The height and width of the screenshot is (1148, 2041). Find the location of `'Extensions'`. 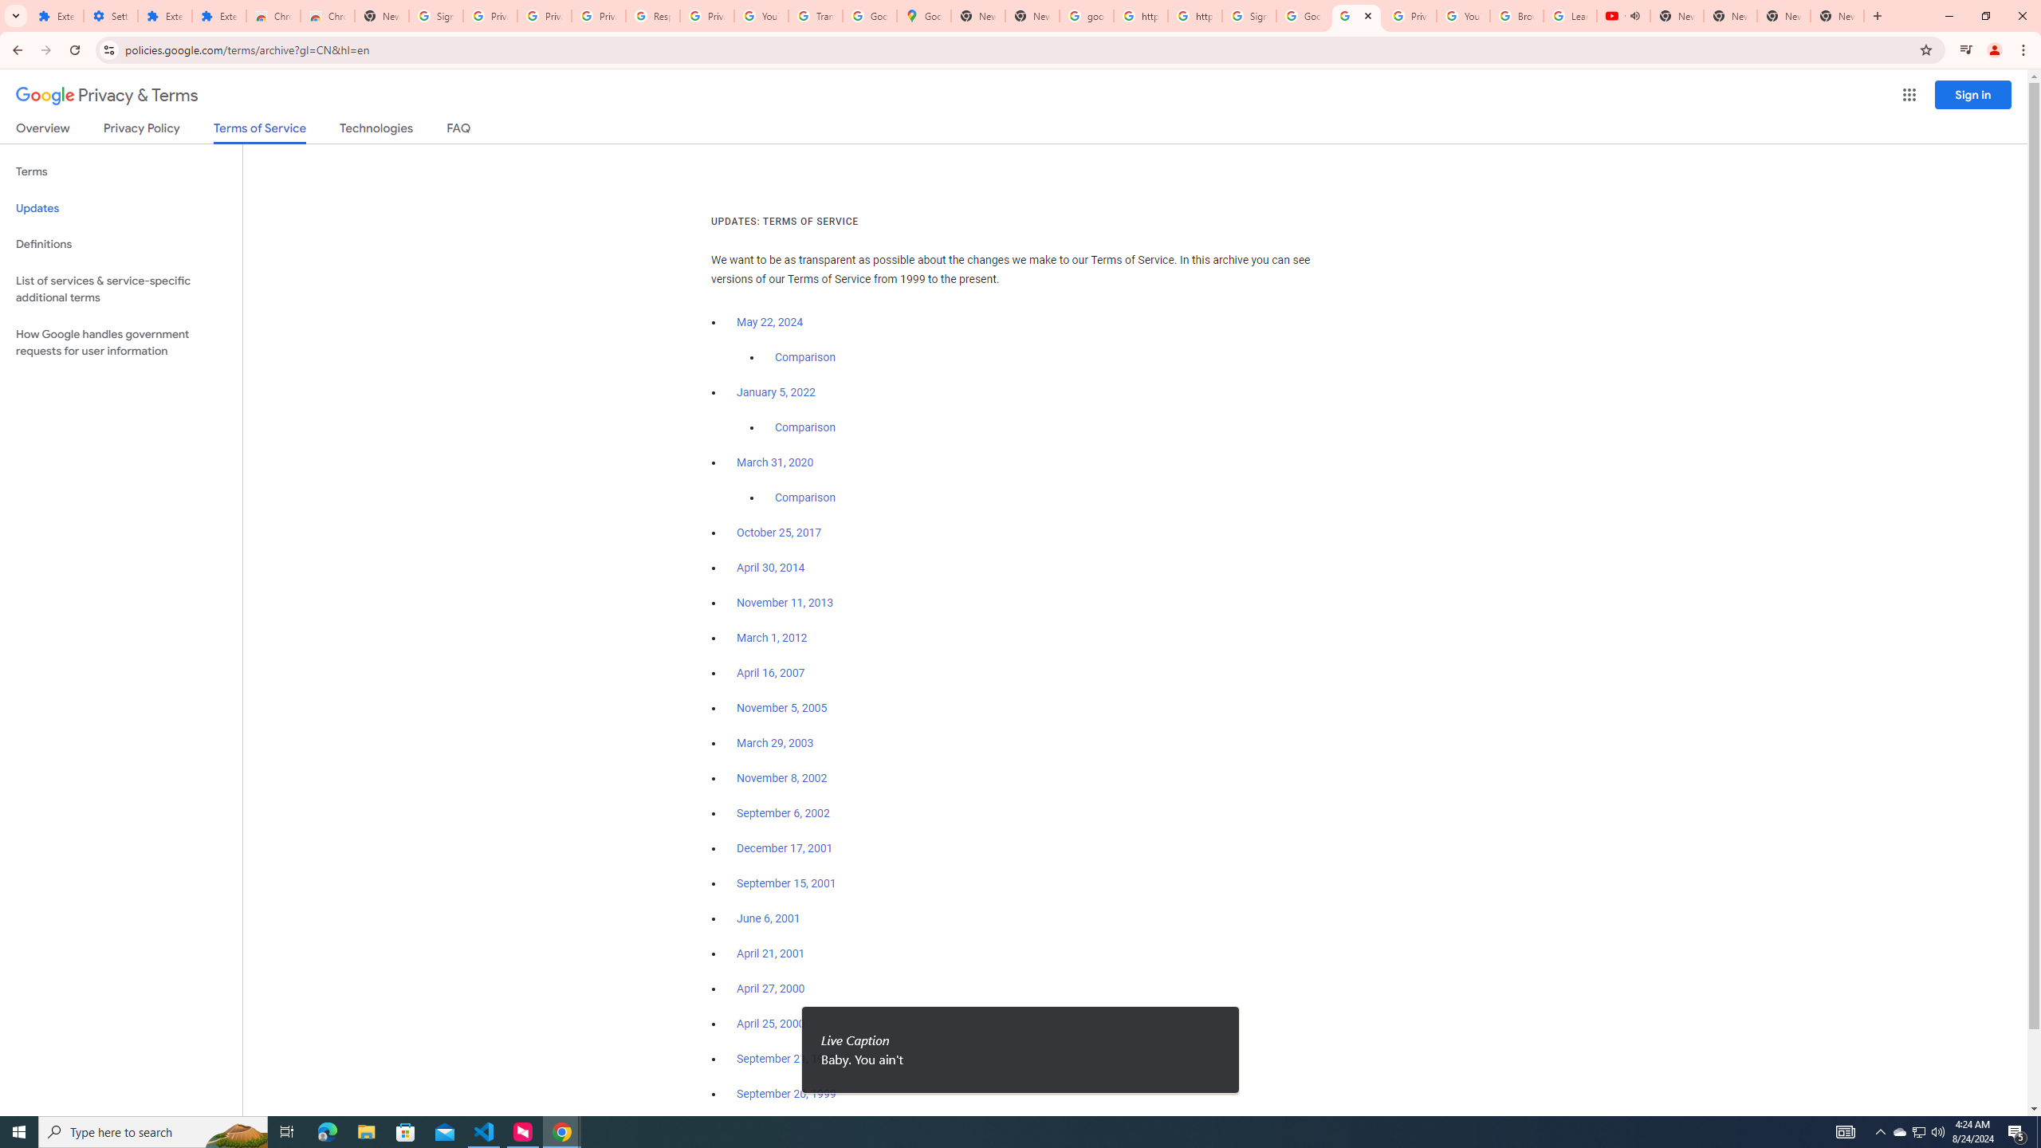

'Extensions' is located at coordinates (165, 15).